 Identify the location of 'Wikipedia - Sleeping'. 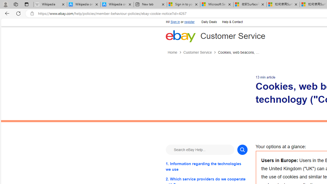
(50, 4).